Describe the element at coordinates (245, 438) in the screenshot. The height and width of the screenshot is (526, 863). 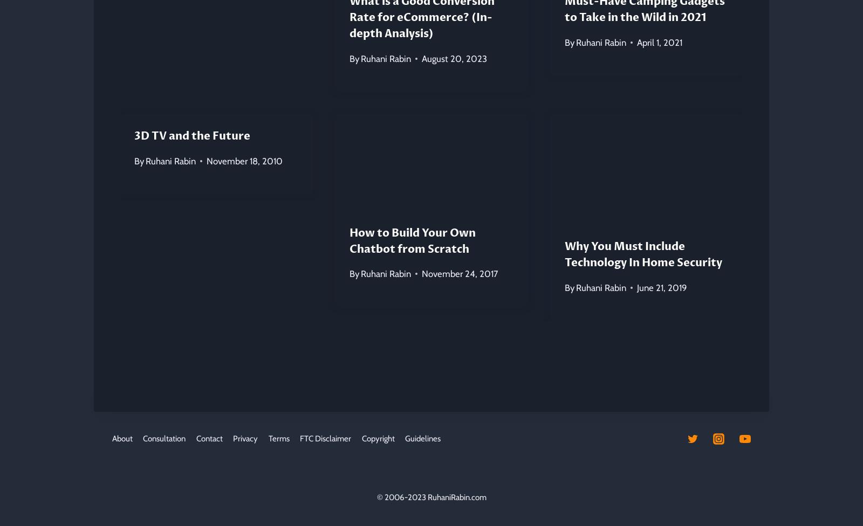
I see `'Privacy'` at that location.